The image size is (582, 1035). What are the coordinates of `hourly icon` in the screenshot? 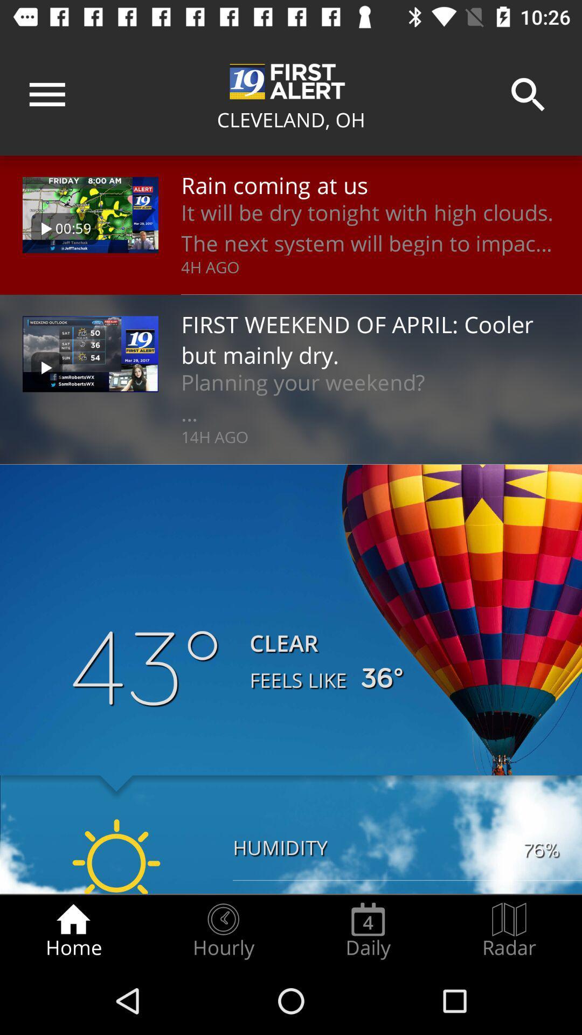 It's located at (223, 930).